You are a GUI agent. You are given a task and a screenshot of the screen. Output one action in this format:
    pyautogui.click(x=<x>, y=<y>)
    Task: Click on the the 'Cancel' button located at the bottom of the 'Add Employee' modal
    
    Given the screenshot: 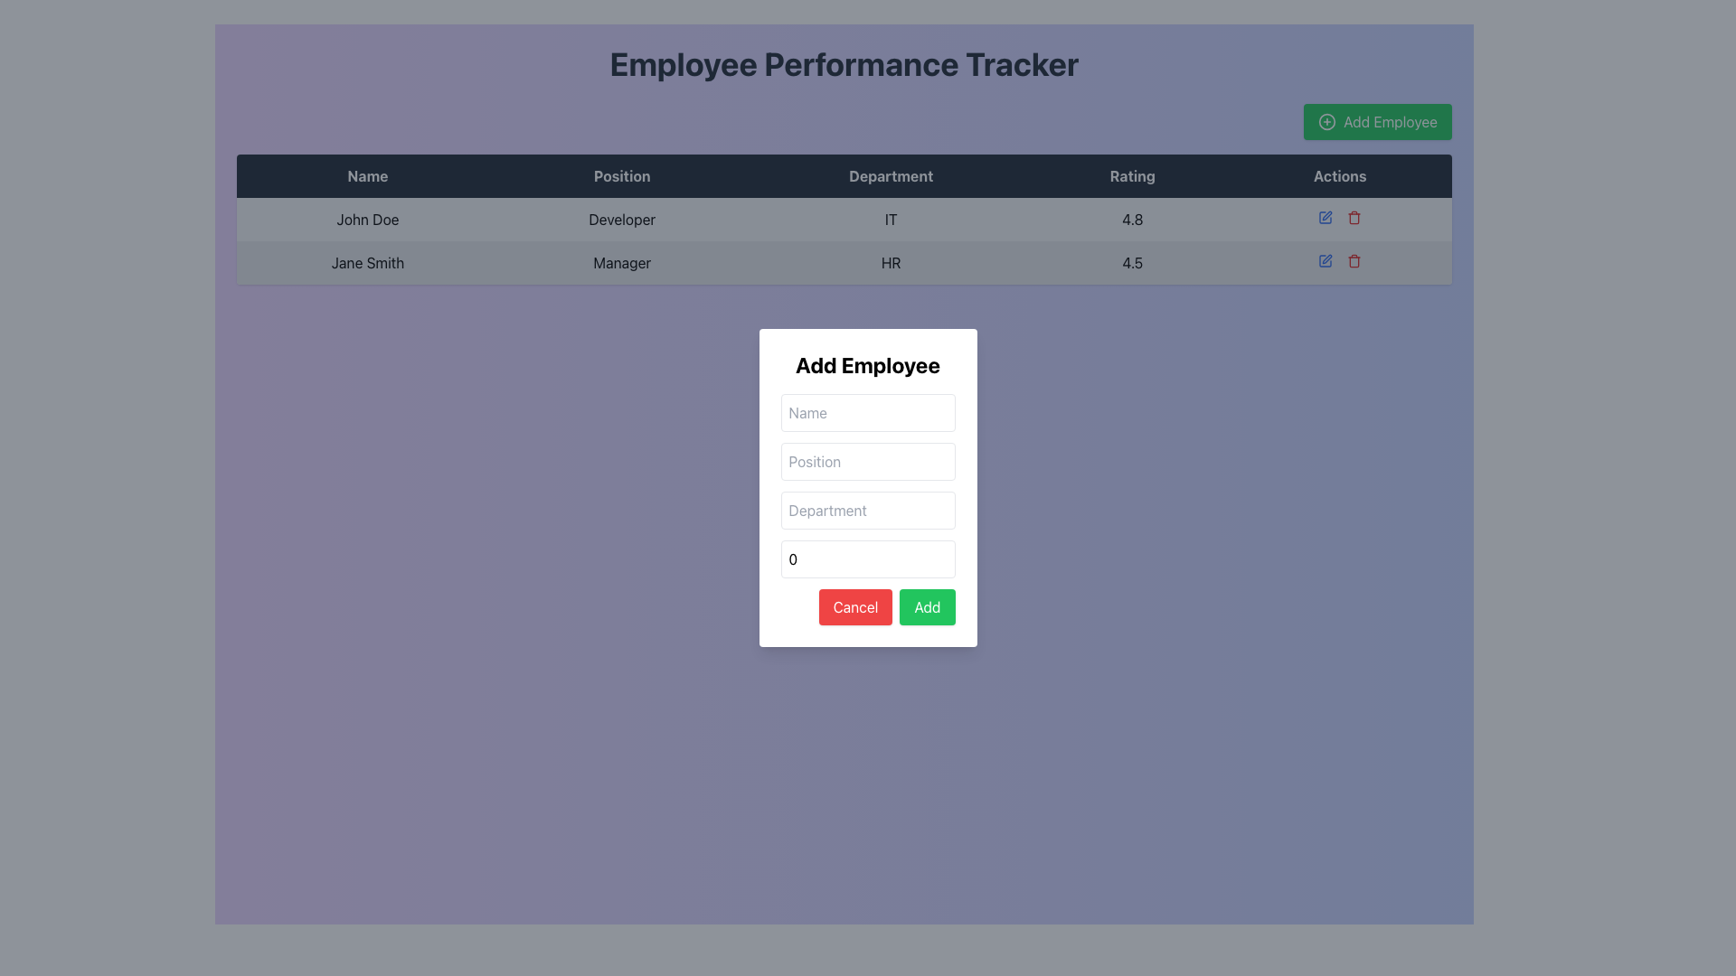 What is the action you would take?
    pyautogui.click(x=854, y=606)
    